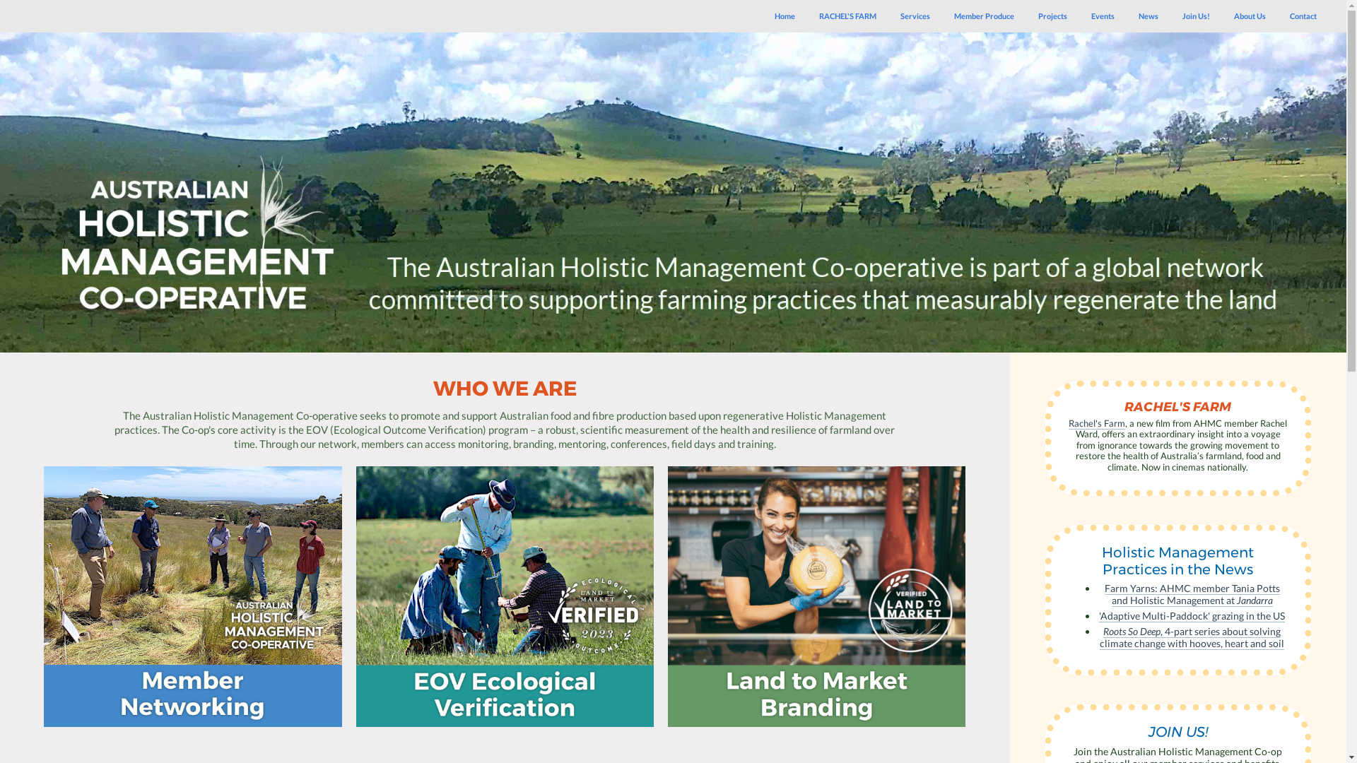 The height and width of the screenshot is (763, 1357). I want to click on 'Rachel's Farm', so click(1069, 422).